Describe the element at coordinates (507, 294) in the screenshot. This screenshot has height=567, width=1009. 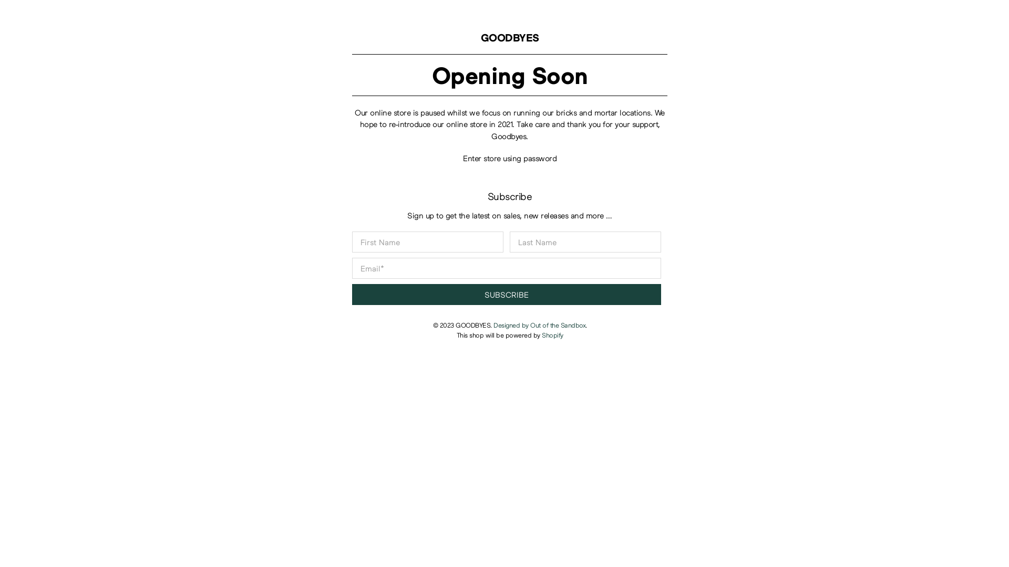
I see `'SUBSCRIBE'` at that location.